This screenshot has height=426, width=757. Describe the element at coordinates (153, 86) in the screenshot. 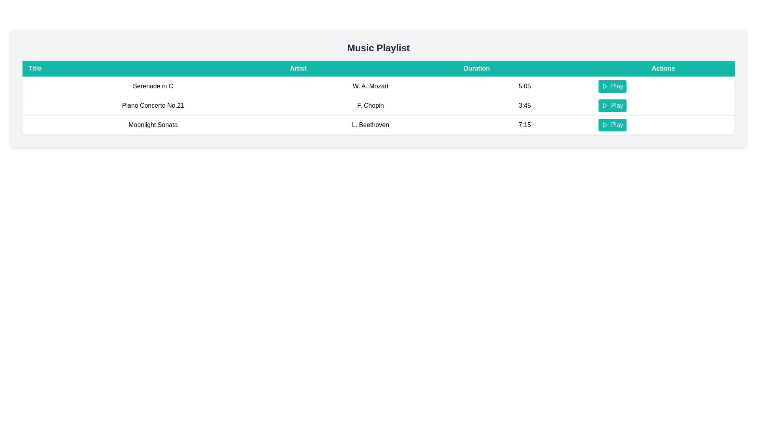

I see `the text label displaying 'Serenade in C', located in the first row under the 'Title' column of the table` at that location.